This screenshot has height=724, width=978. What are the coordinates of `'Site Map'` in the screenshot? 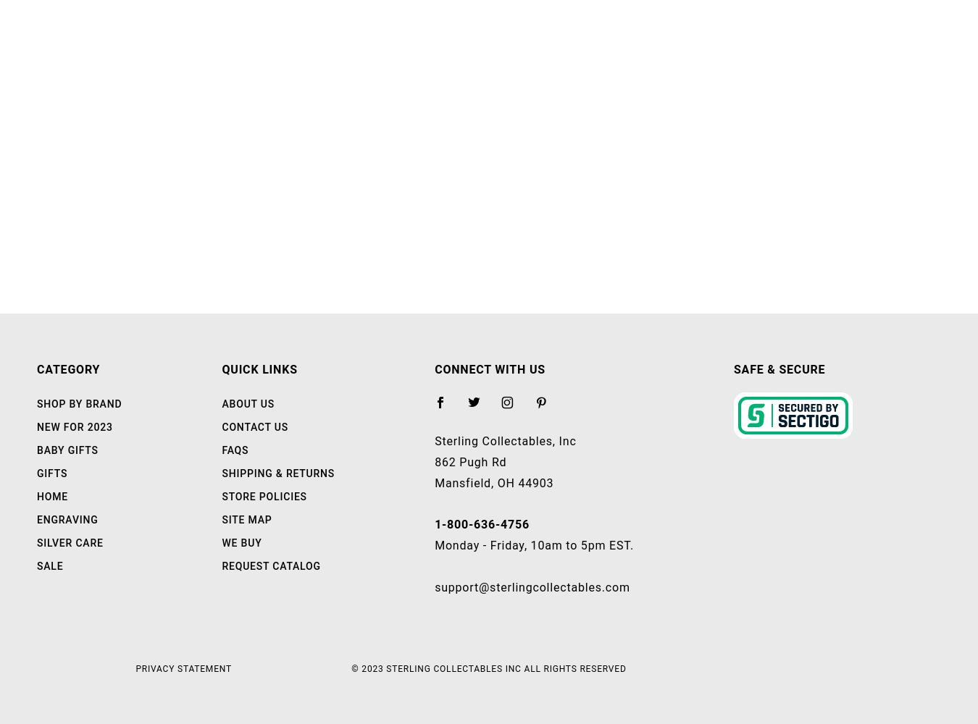 It's located at (221, 519).